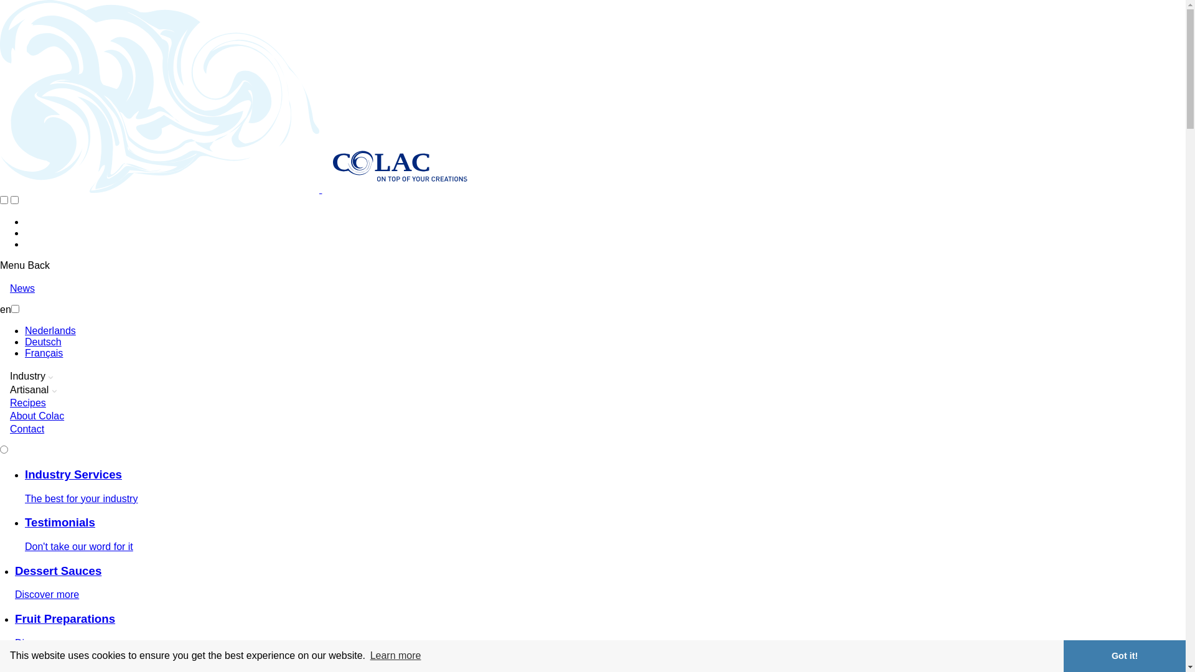  I want to click on 'Nederlands', so click(50, 330).